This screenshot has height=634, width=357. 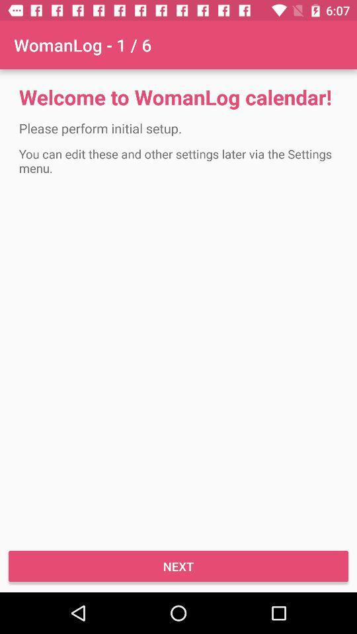 What do you see at coordinates (178, 565) in the screenshot?
I see `the item below the you can edit item` at bounding box center [178, 565].